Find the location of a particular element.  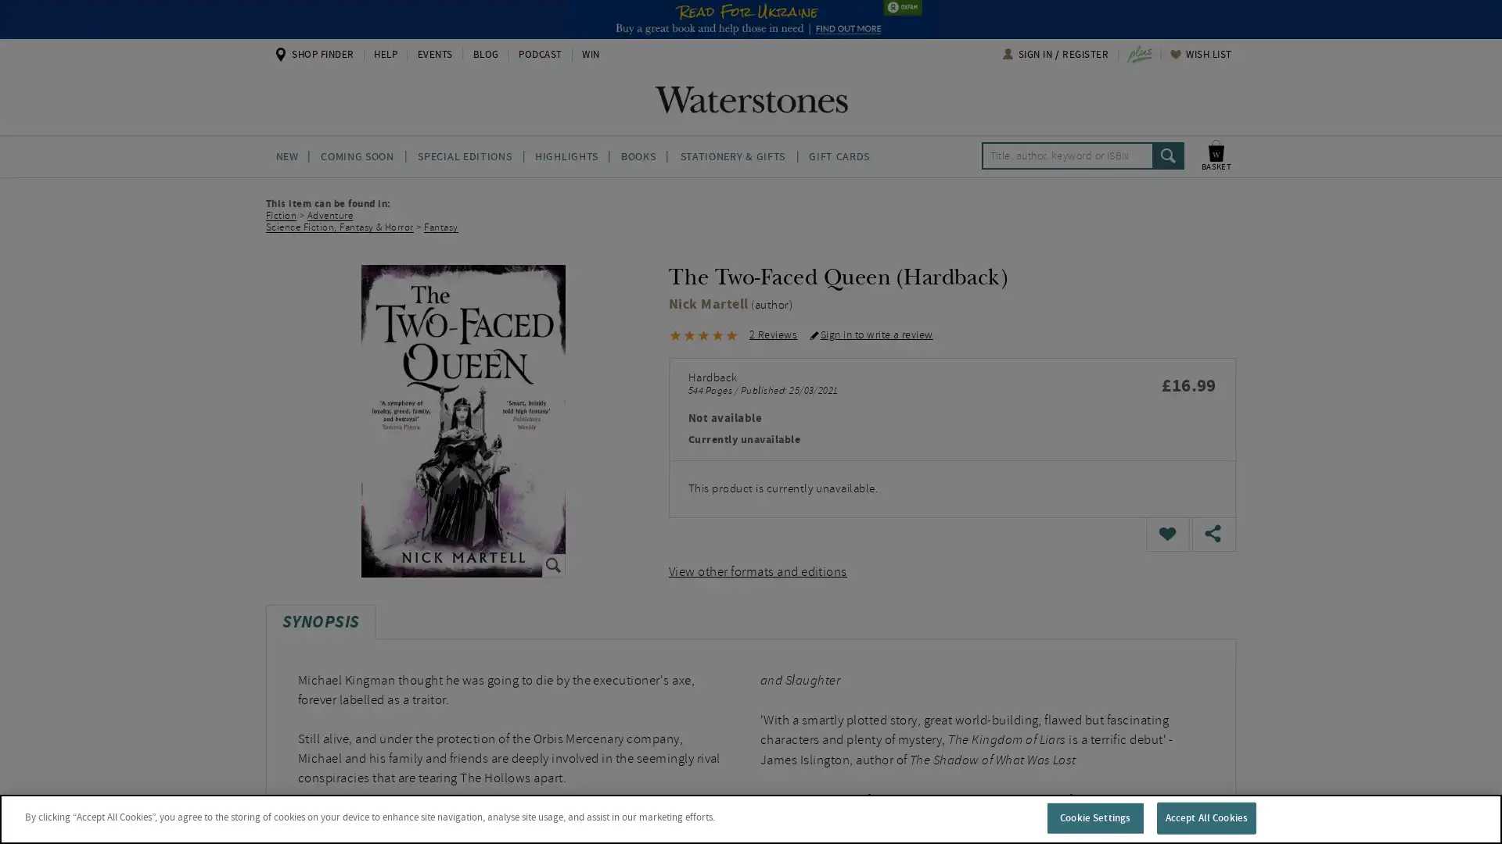

Cookie Settings is located at coordinates (1094, 817).